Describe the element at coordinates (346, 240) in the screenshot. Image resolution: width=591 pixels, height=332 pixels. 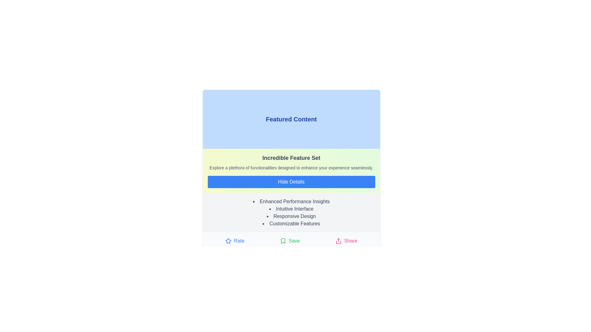
I see `the 'Share' button located at the bottom-right corner of the interface` at that location.